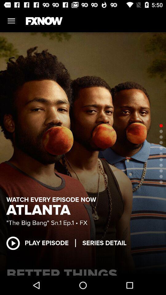 The width and height of the screenshot is (166, 295). Describe the element at coordinates (83, 270) in the screenshot. I see `better things` at that location.